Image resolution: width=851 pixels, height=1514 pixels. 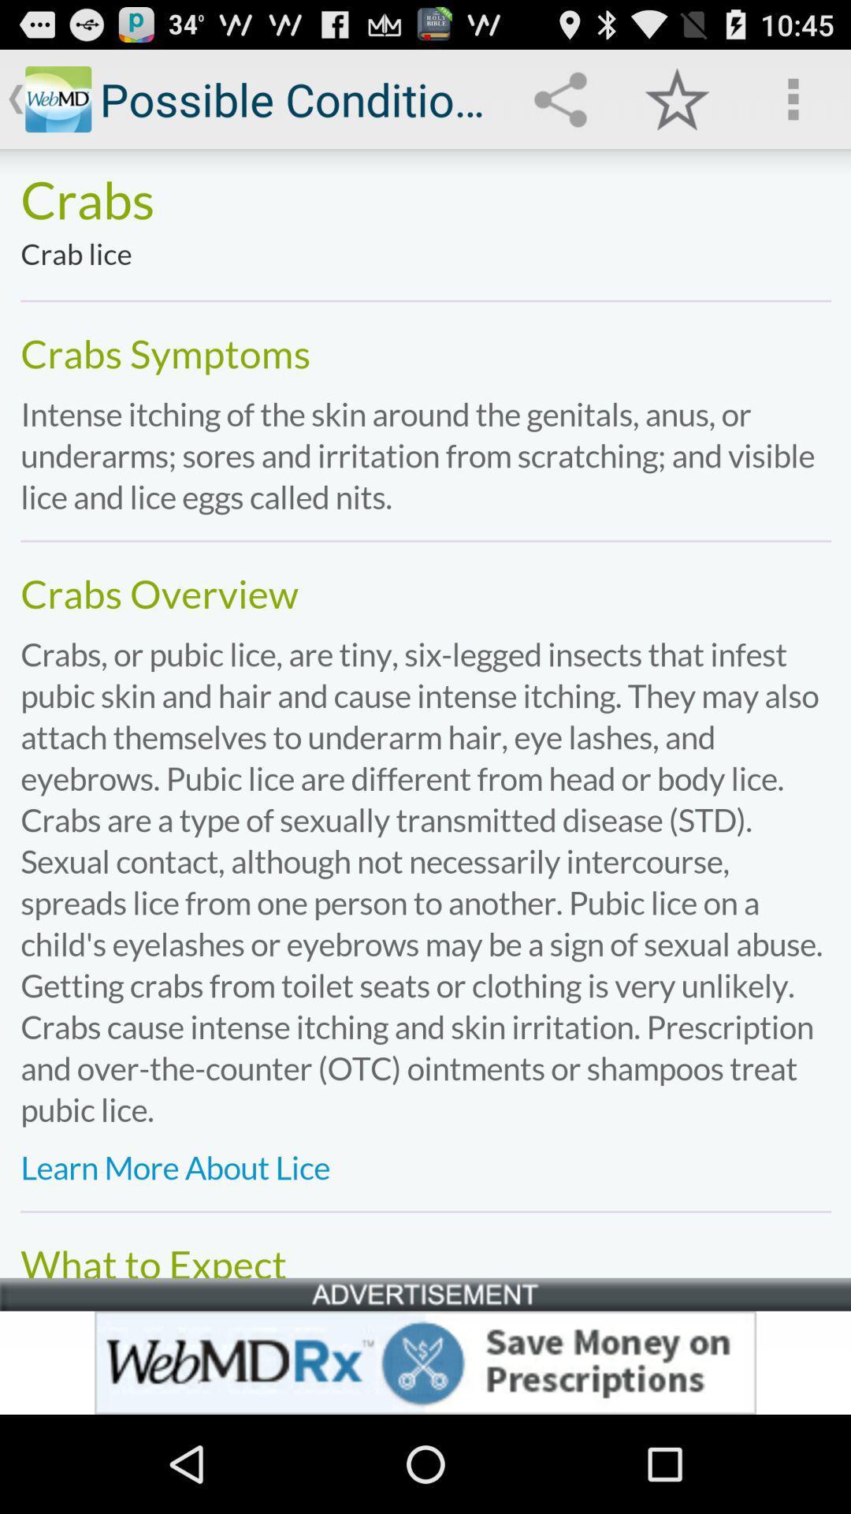 What do you see at coordinates (425, 712) in the screenshot?
I see `description` at bounding box center [425, 712].